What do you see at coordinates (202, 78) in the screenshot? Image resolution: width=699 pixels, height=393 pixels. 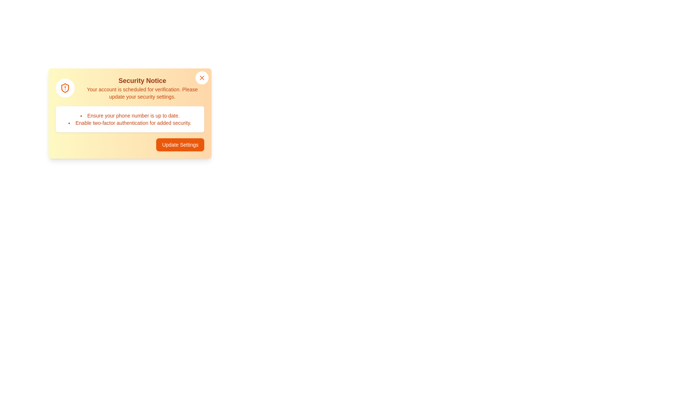 I see `the 'X' button at the top-right corner of the alert to close it` at bounding box center [202, 78].